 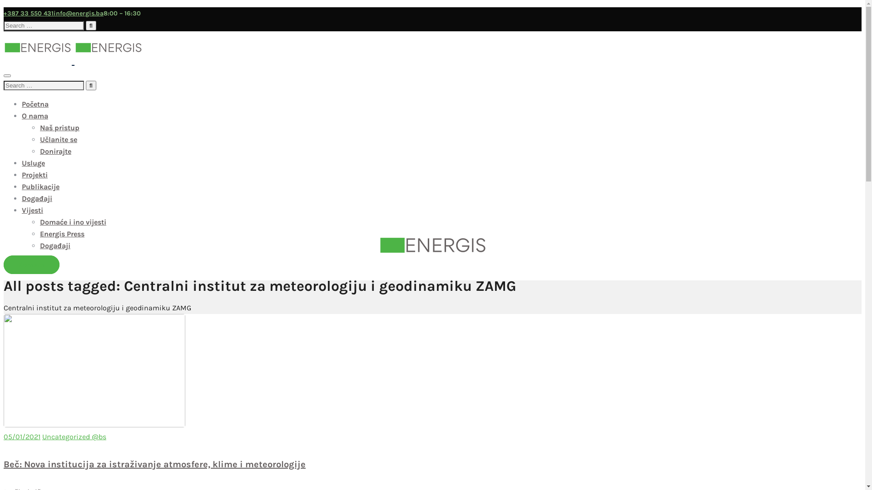 What do you see at coordinates (32, 210) in the screenshot?
I see `'Vijesti'` at bounding box center [32, 210].